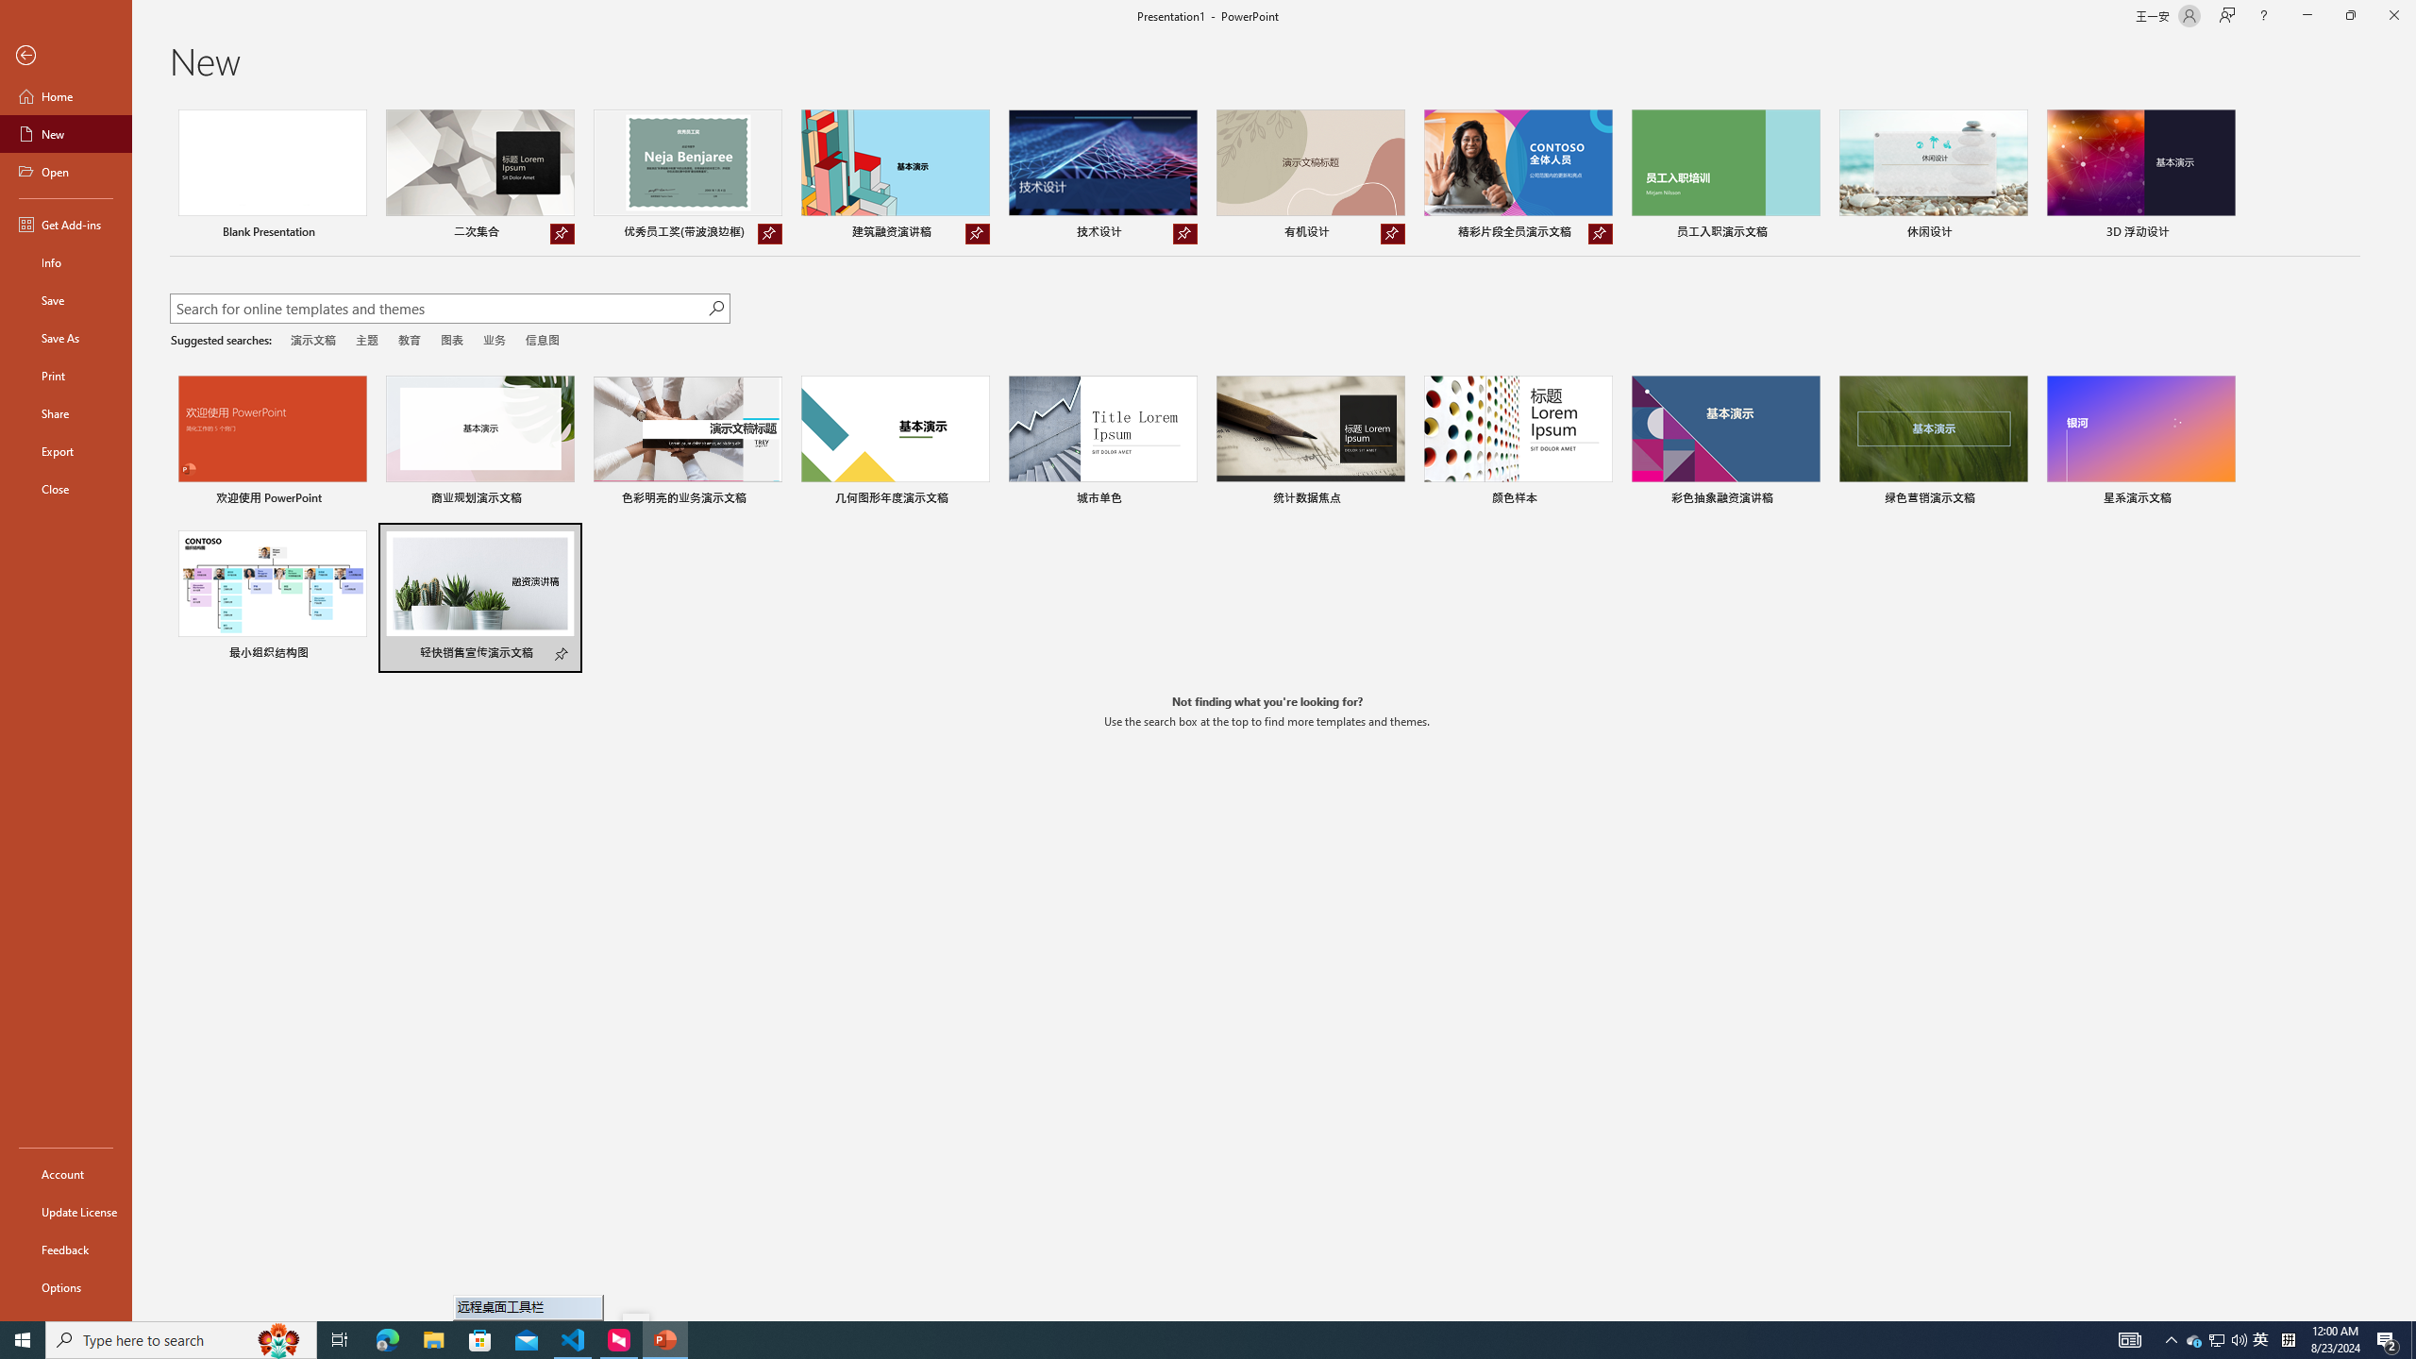  Describe the element at coordinates (65, 55) in the screenshot. I see `'Back'` at that location.